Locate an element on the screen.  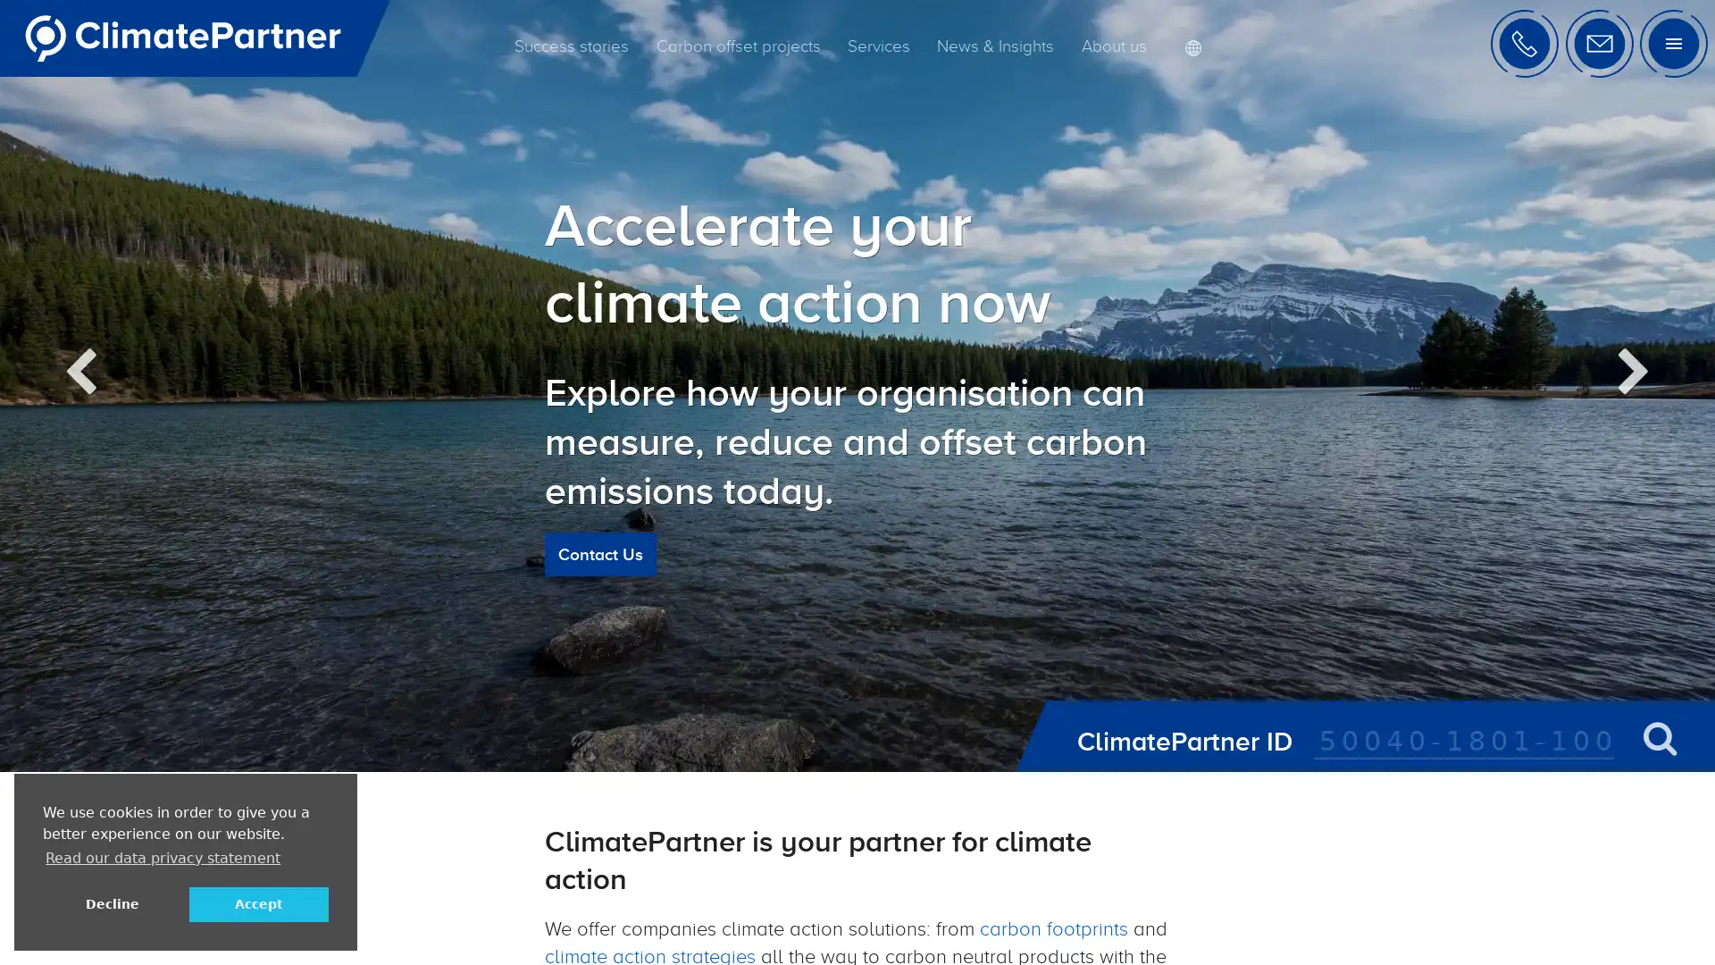
learn more about cookies is located at coordinates (163, 857).